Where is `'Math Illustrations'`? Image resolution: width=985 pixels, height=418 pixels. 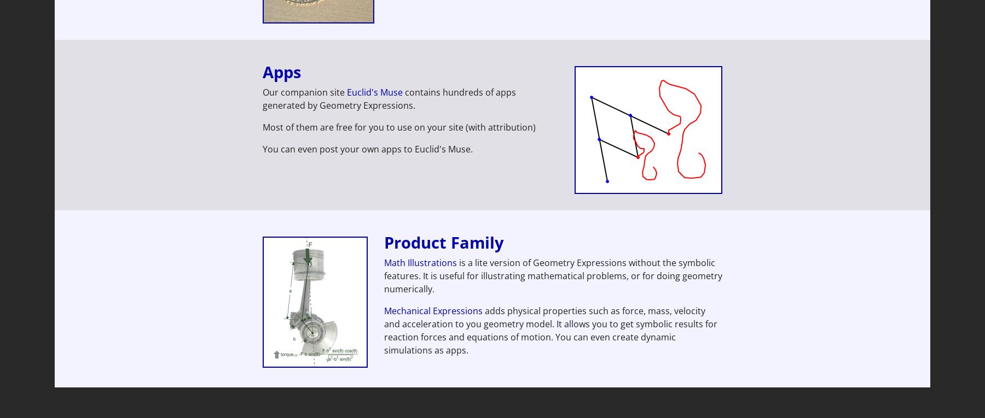
'Math Illustrations' is located at coordinates (420, 262).